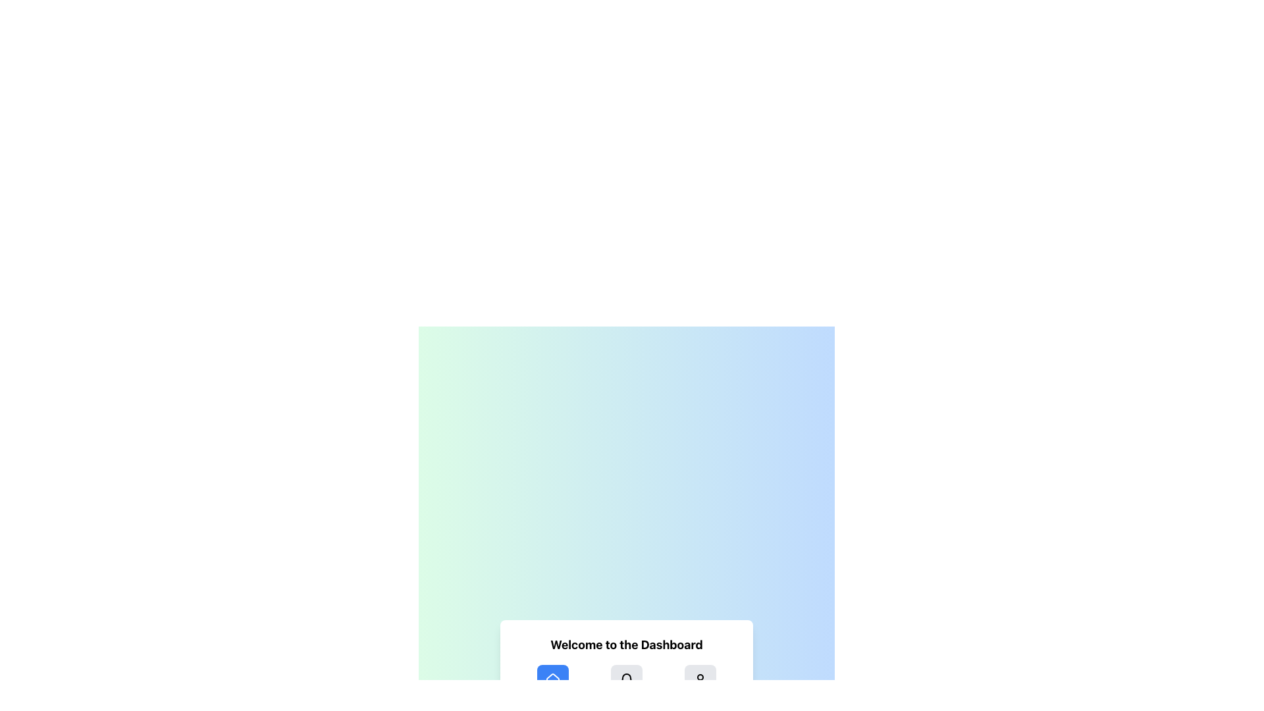 The width and height of the screenshot is (1264, 711). Describe the element at coordinates (625, 680) in the screenshot. I see `the notification icon located centrally within the rounded rectangular button with a light gray background` at that location.